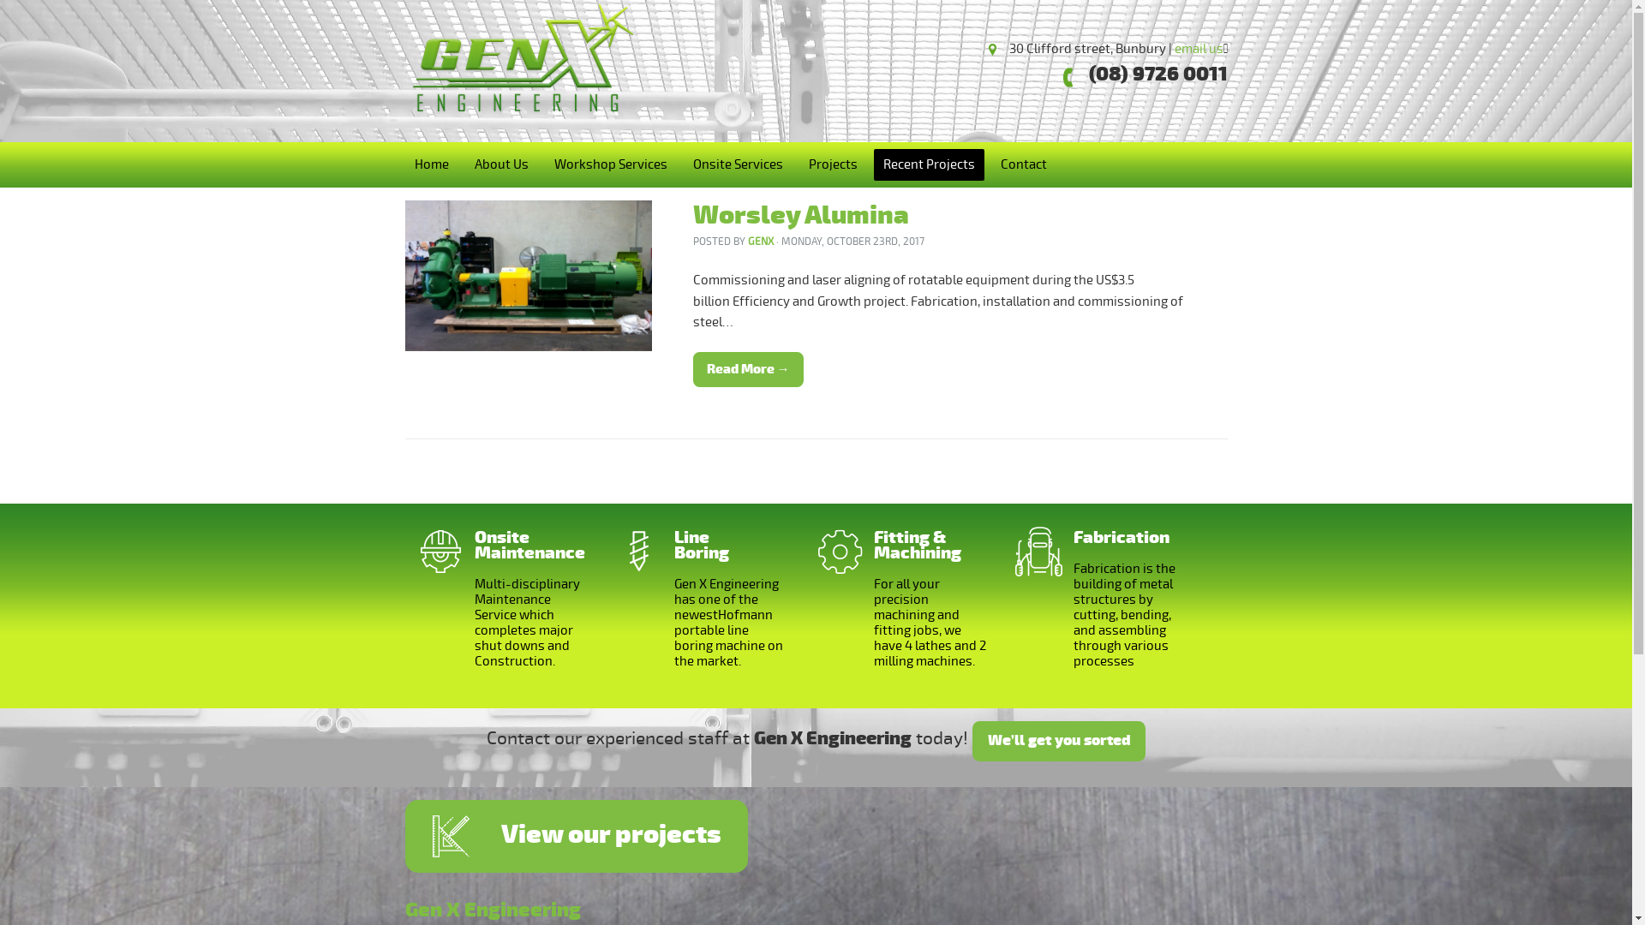  I want to click on 'Recent Projects', so click(928, 164).